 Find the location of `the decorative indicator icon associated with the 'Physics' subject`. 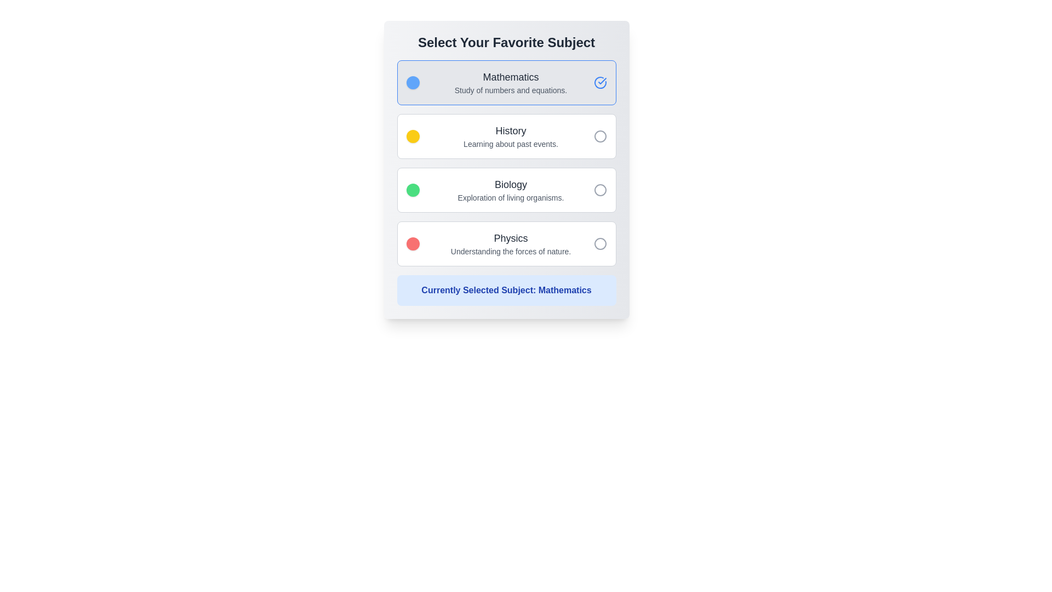

the decorative indicator icon associated with the 'Physics' subject is located at coordinates (412, 243).